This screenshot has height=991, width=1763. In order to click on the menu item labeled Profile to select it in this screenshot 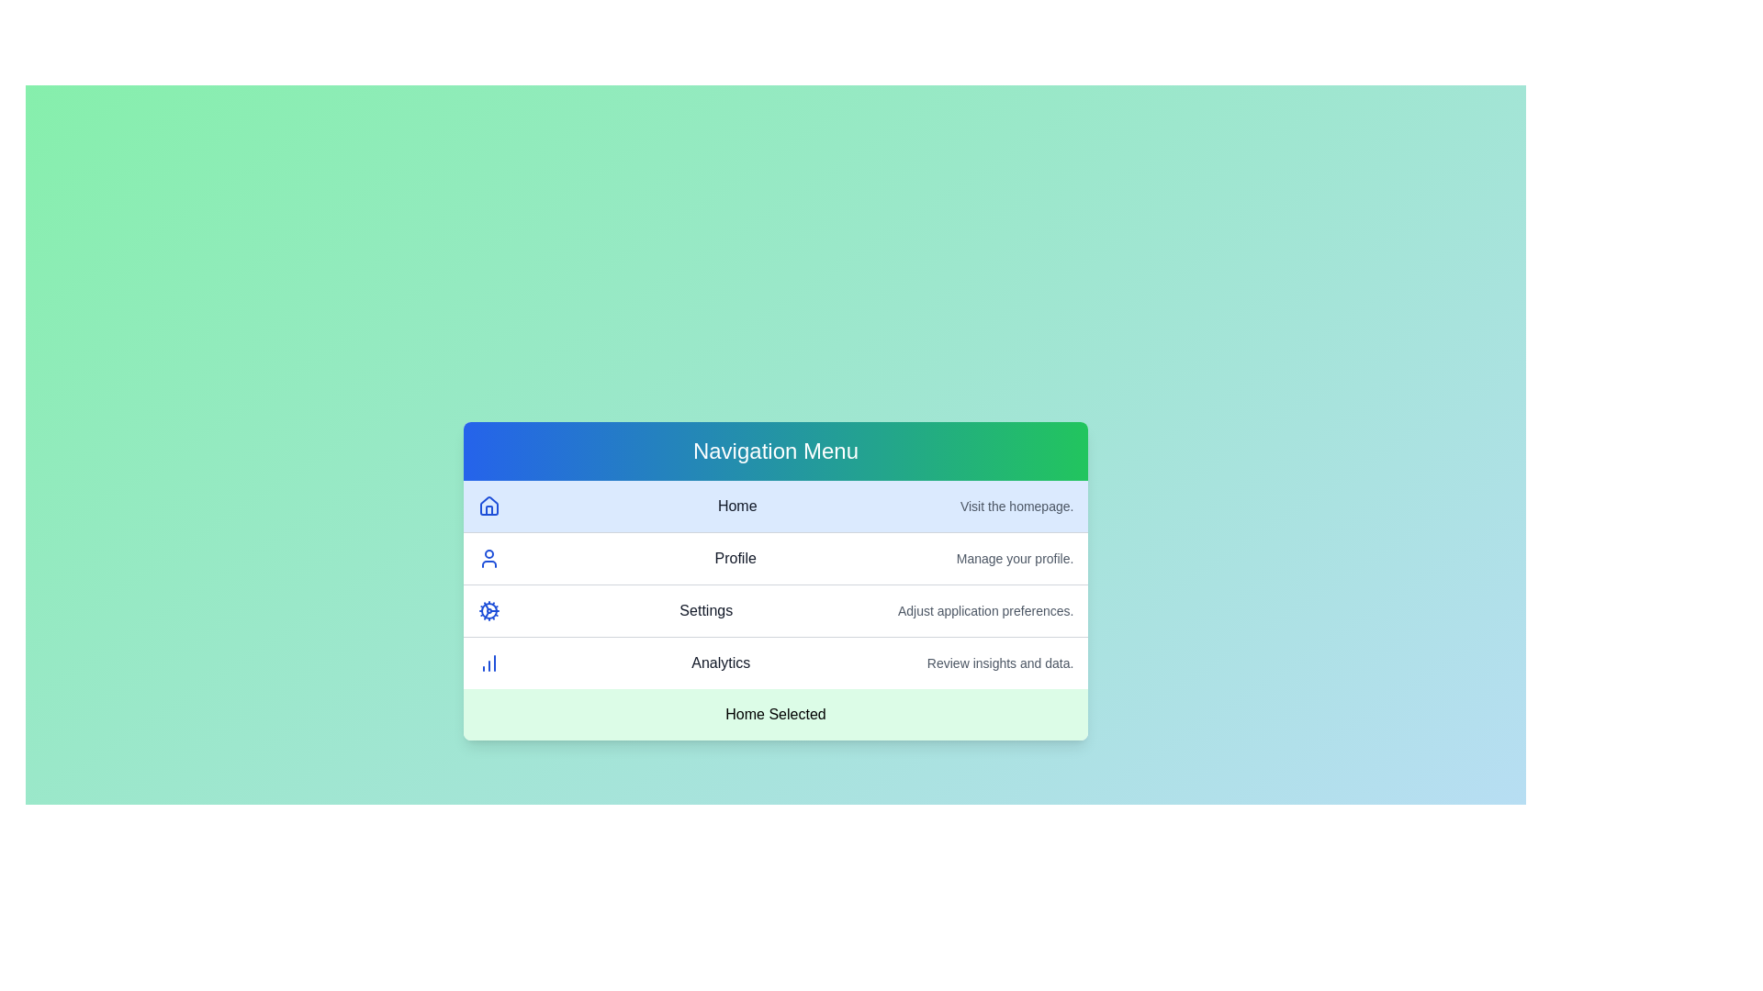, I will do `click(775, 558)`.